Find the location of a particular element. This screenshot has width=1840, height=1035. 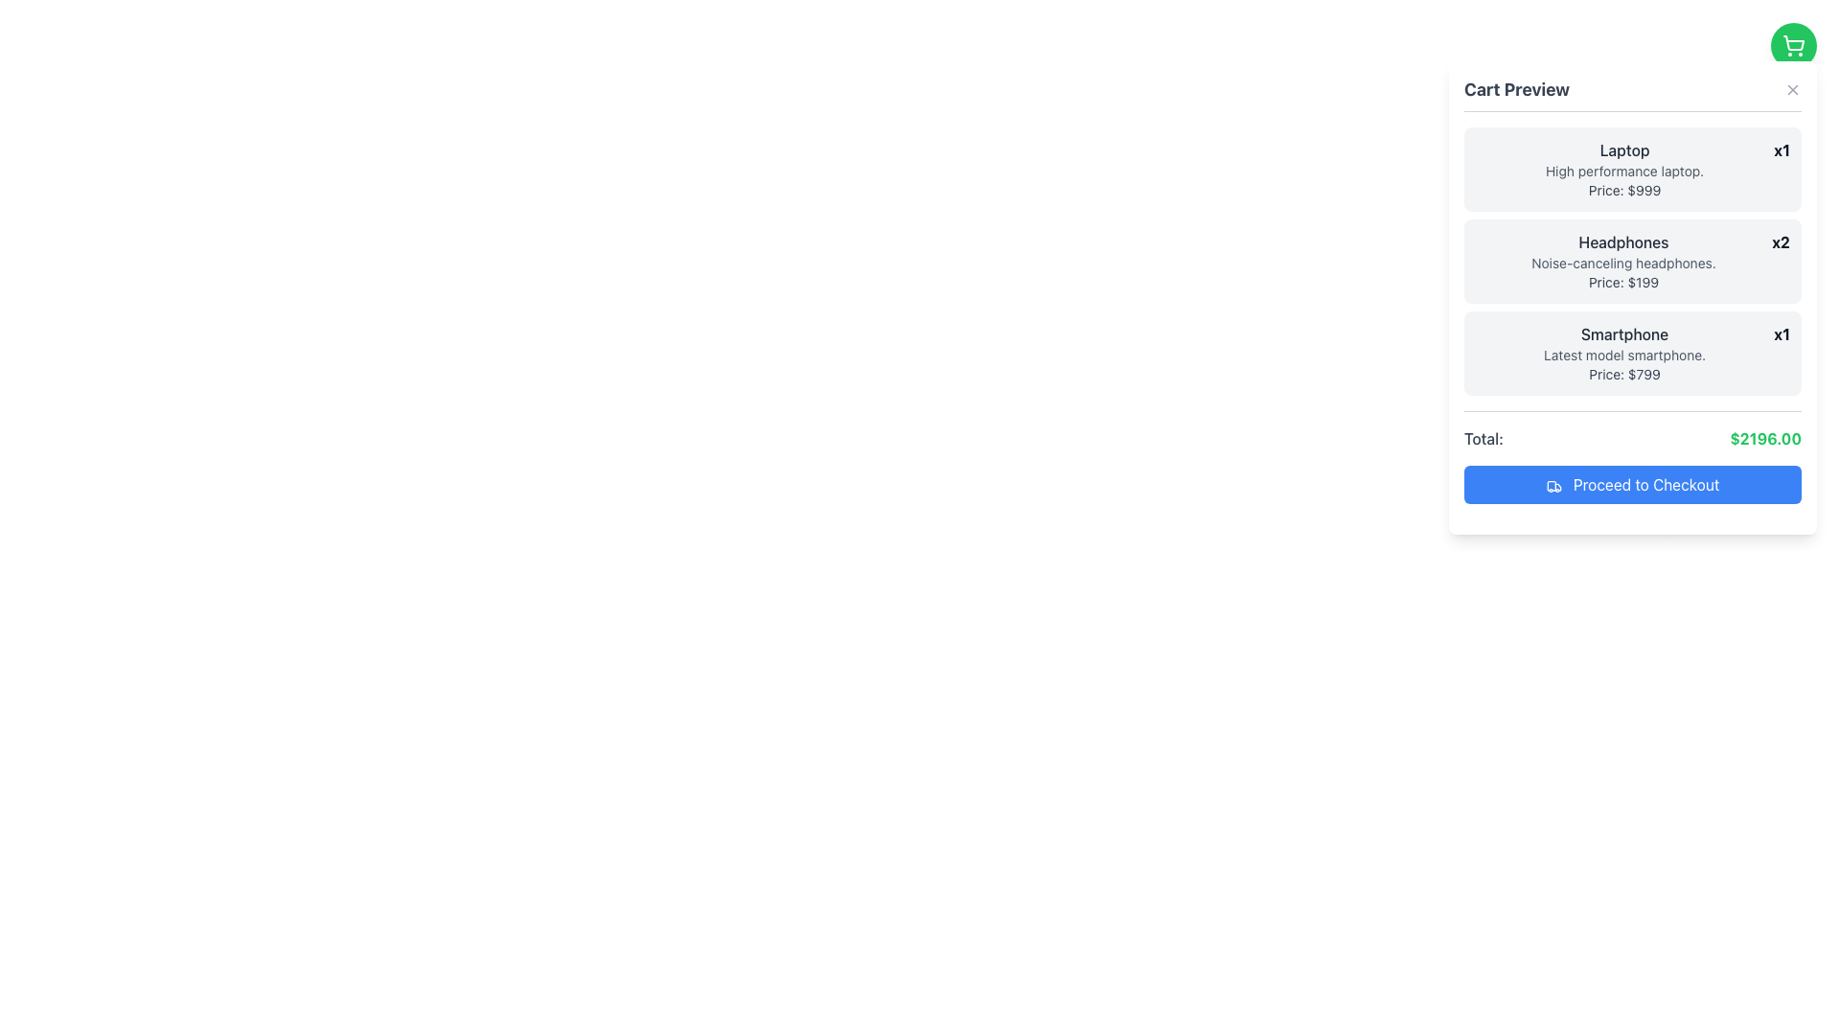

the third item in the cart summary, which displays the item's details including name, description, price, and quantity is located at coordinates (1632, 313).